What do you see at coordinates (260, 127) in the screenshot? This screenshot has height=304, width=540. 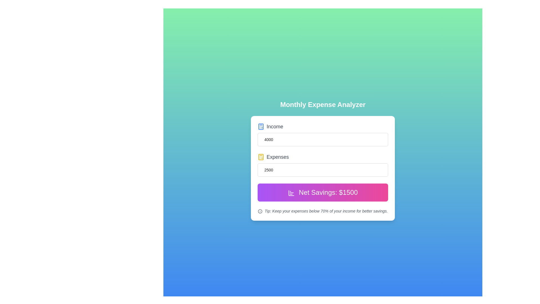 I see `the Decorative Icon located to the left of the 'Income' text in the Income input section of the form` at bounding box center [260, 127].